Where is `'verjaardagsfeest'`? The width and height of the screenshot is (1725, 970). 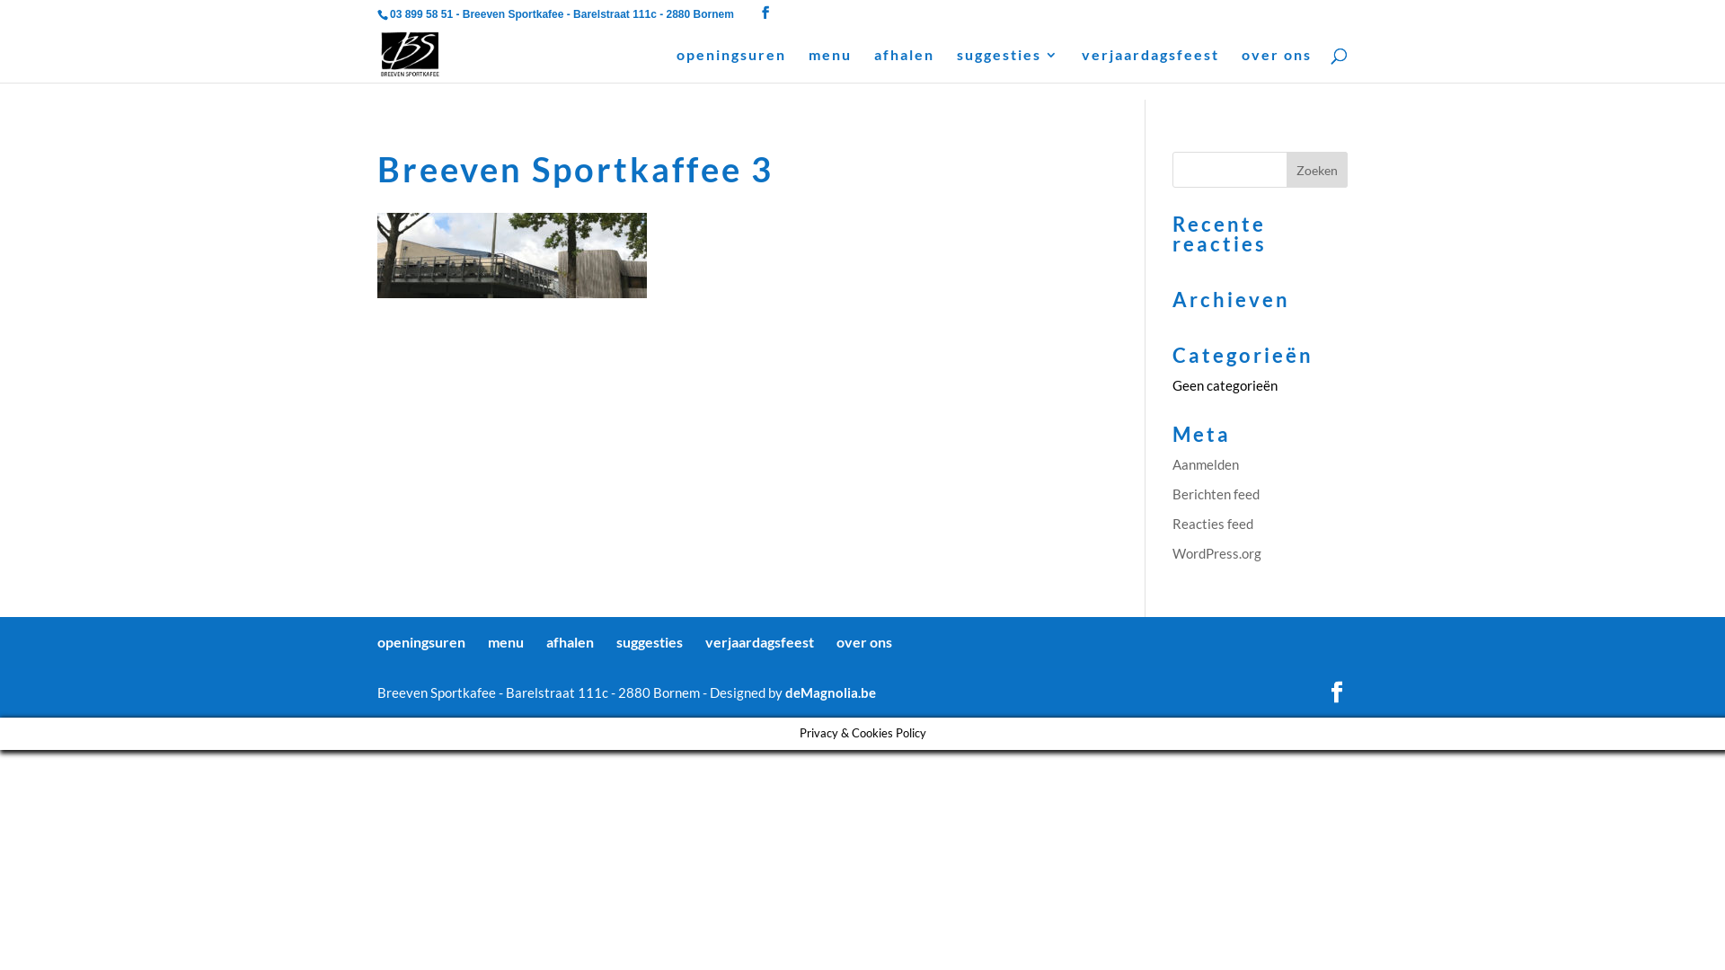
'verjaardagsfeest' is located at coordinates (759, 640).